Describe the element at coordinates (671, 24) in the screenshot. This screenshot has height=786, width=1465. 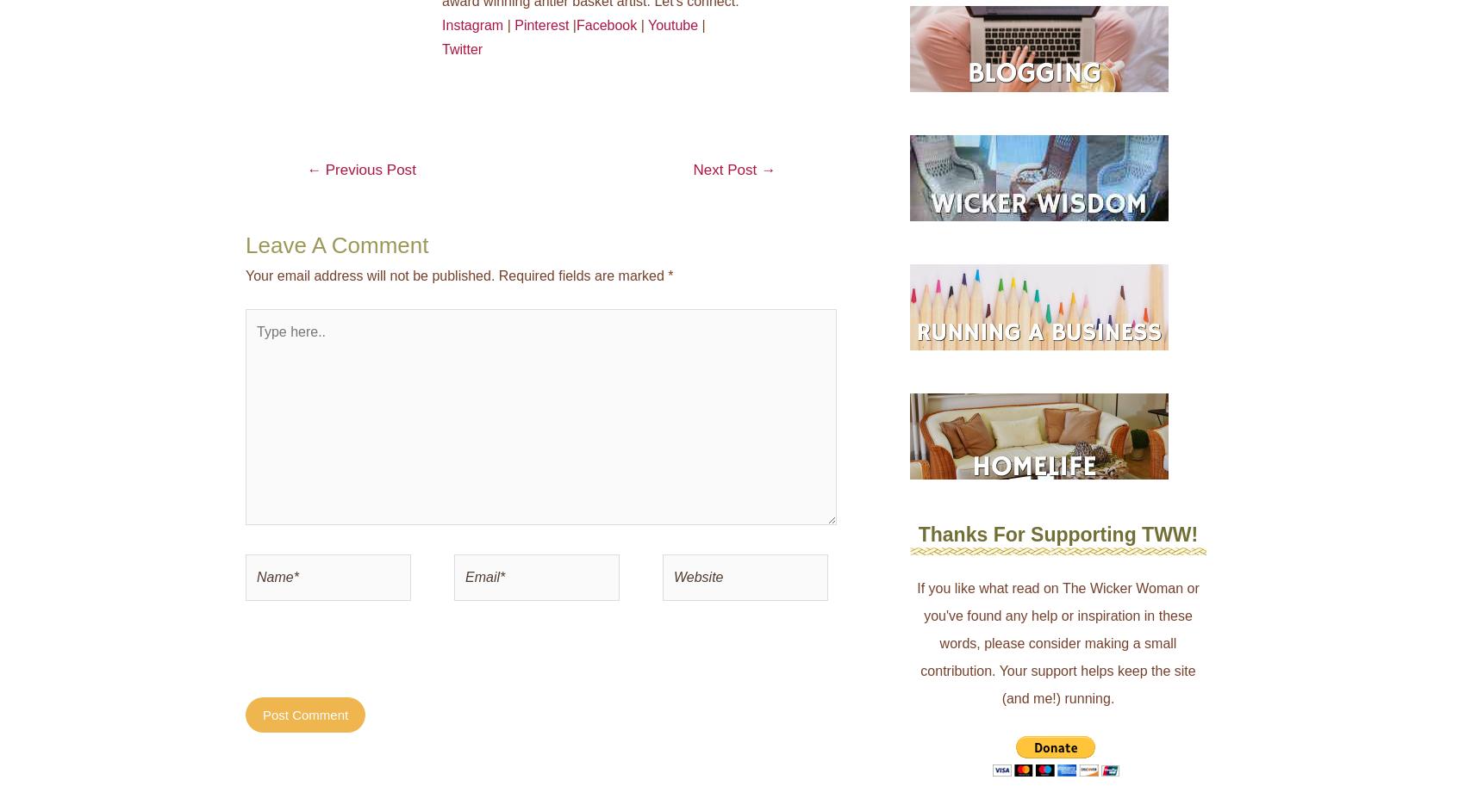
I see `'Youtube'` at that location.